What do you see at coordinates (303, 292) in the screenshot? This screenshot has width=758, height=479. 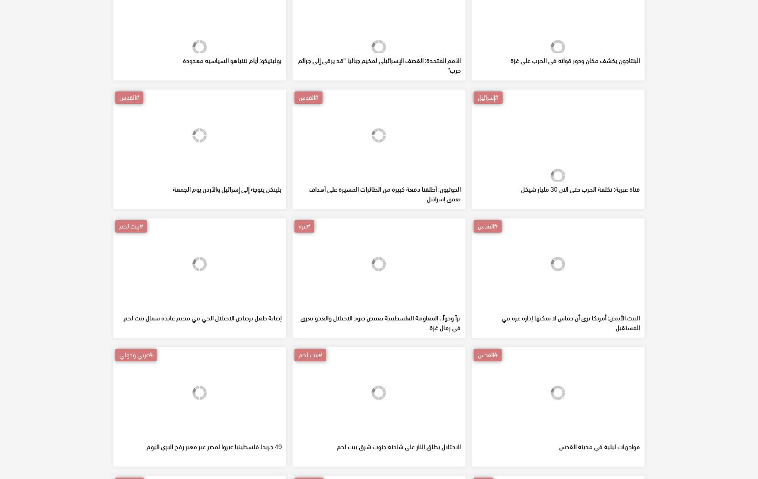 I see `'#غزة'` at bounding box center [303, 292].